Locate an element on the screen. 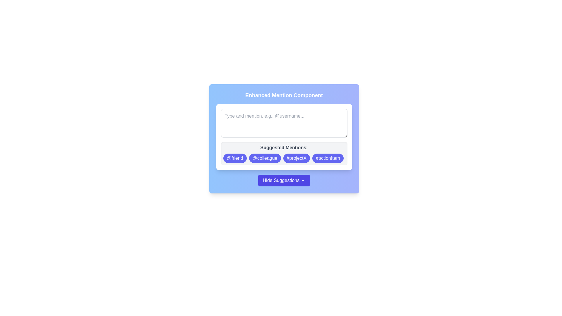  the toggle button located at the bottom of the card interface beneath the 'Suggested Mentions:' section is located at coordinates (284, 180).